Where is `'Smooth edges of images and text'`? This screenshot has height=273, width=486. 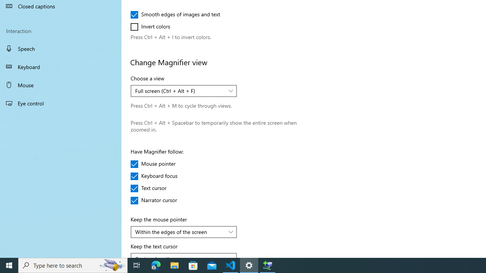 'Smooth edges of images and text' is located at coordinates (175, 14).